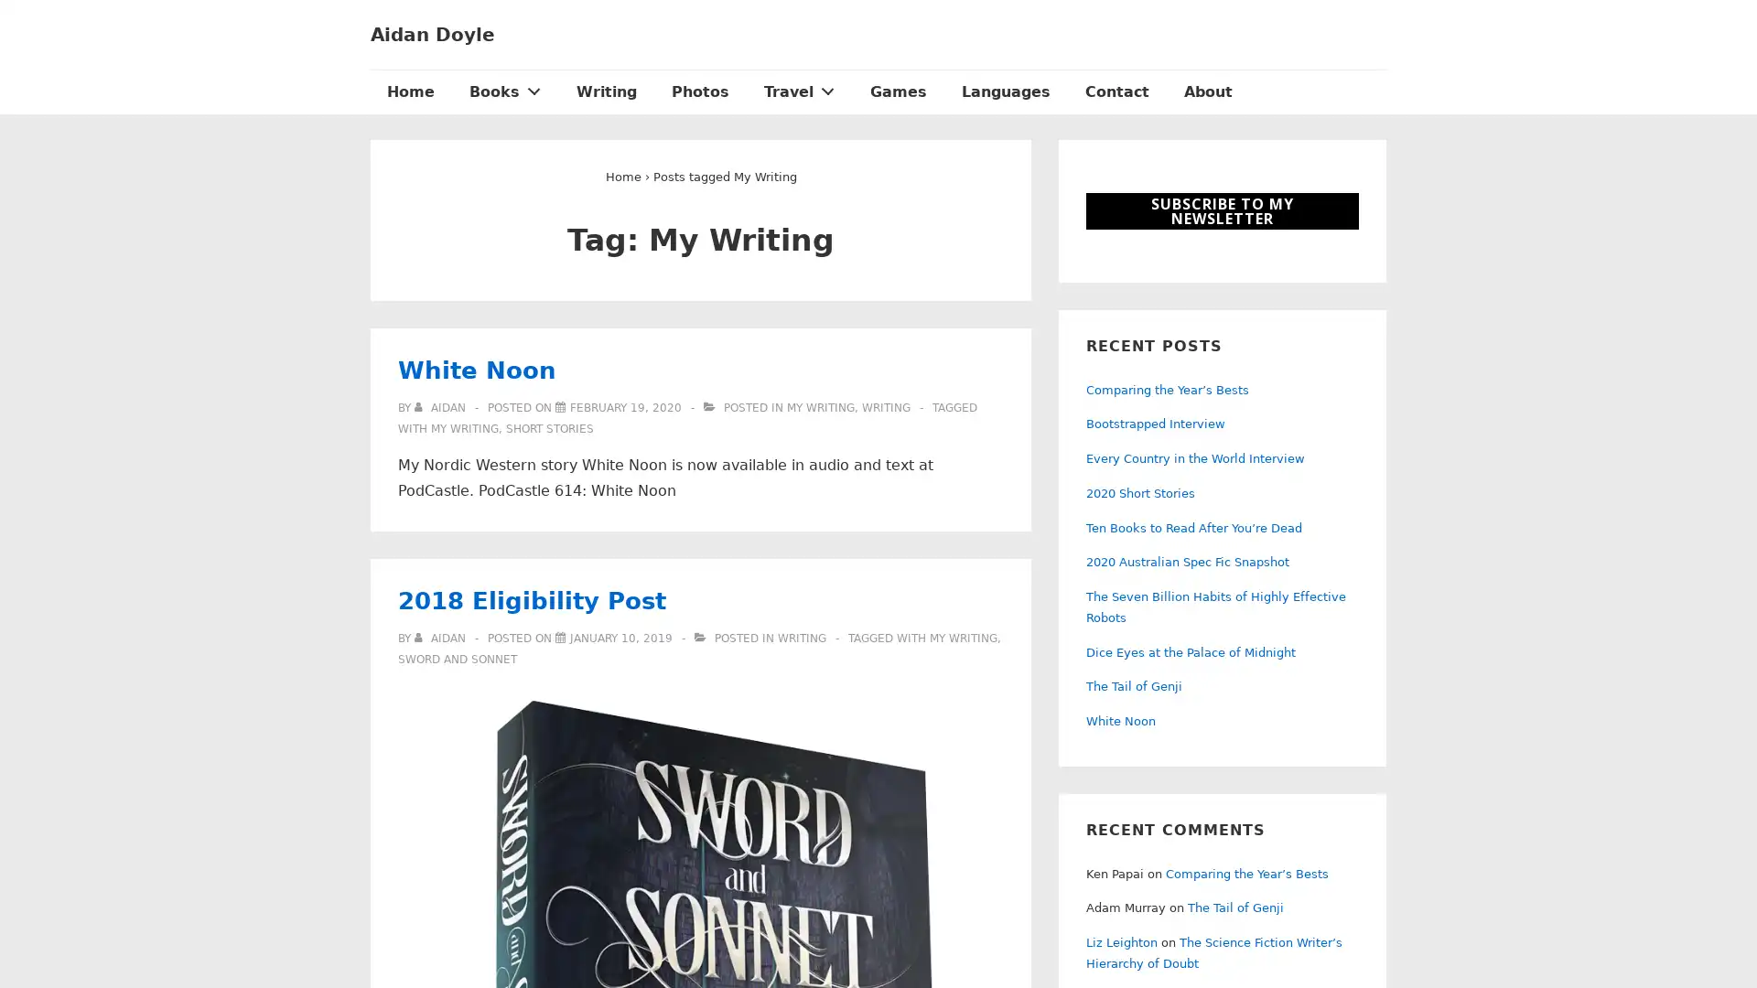  Describe the element at coordinates (1222, 210) in the screenshot. I see `SUBSCRIBE TO MY NEWSLETTER` at that location.